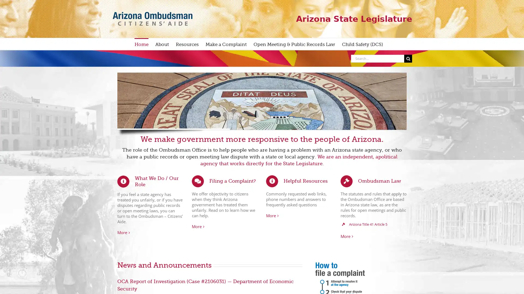 This screenshot has width=524, height=294. What do you see at coordinates (408, 58) in the screenshot?
I see `Search` at bounding box center [408, 58].